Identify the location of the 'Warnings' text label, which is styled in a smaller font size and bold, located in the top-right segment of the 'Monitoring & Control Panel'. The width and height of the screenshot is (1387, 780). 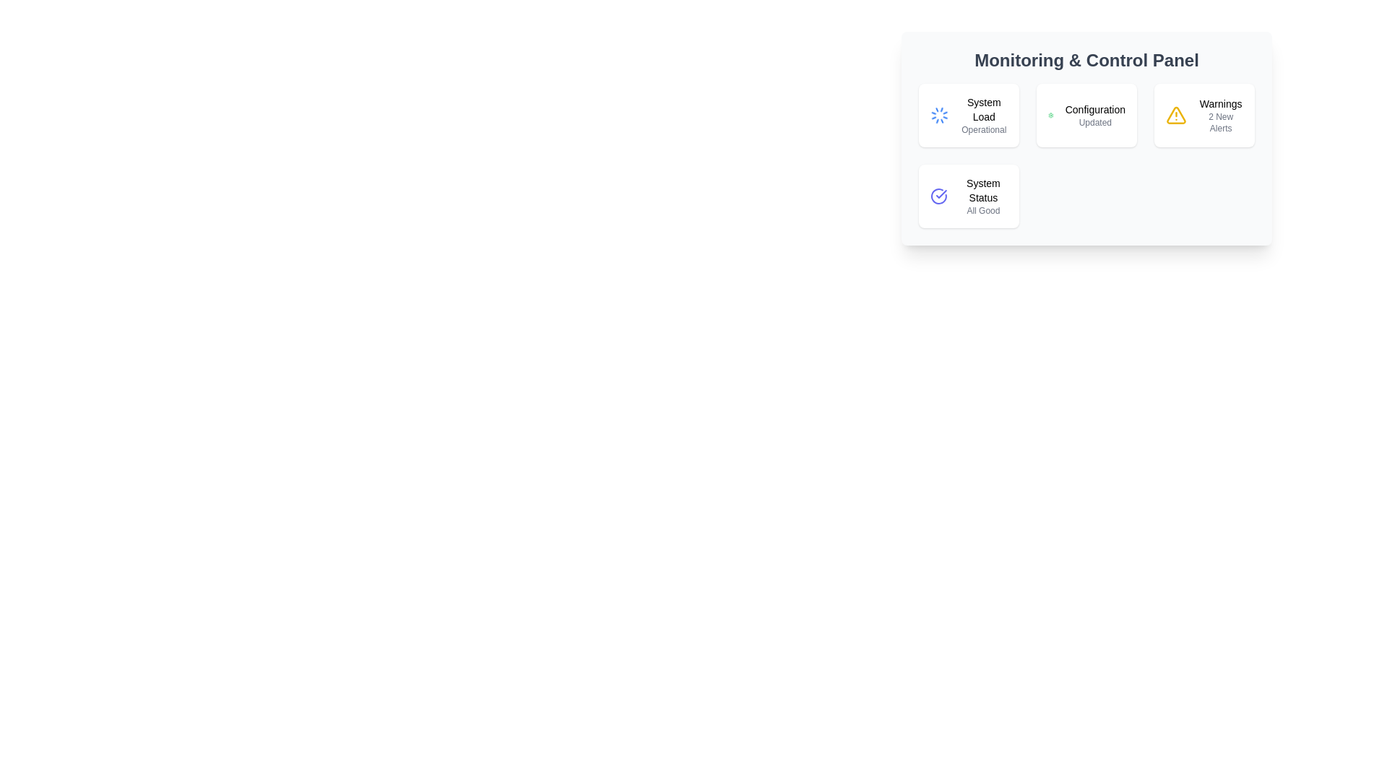
(1220, 103).